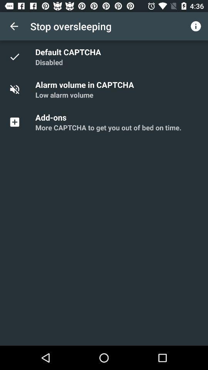 This screenshot has width=208, height=370. I want to click on the more captcha to at the center, so click(108, 128).